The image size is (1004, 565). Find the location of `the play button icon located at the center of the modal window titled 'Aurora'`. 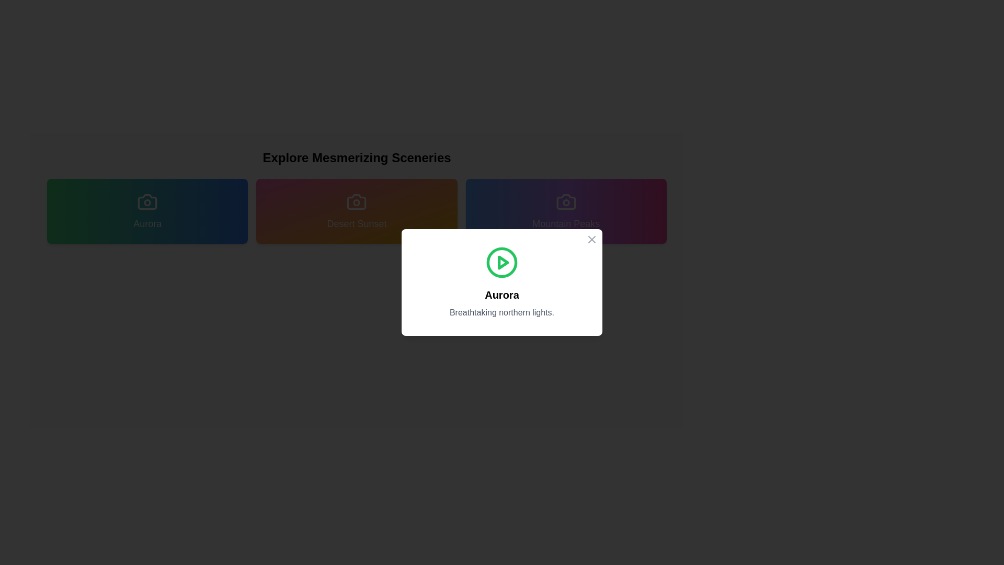

the play button icon located at the center of the modal window titled 'Aurora' is located at coordinates (503, 262).